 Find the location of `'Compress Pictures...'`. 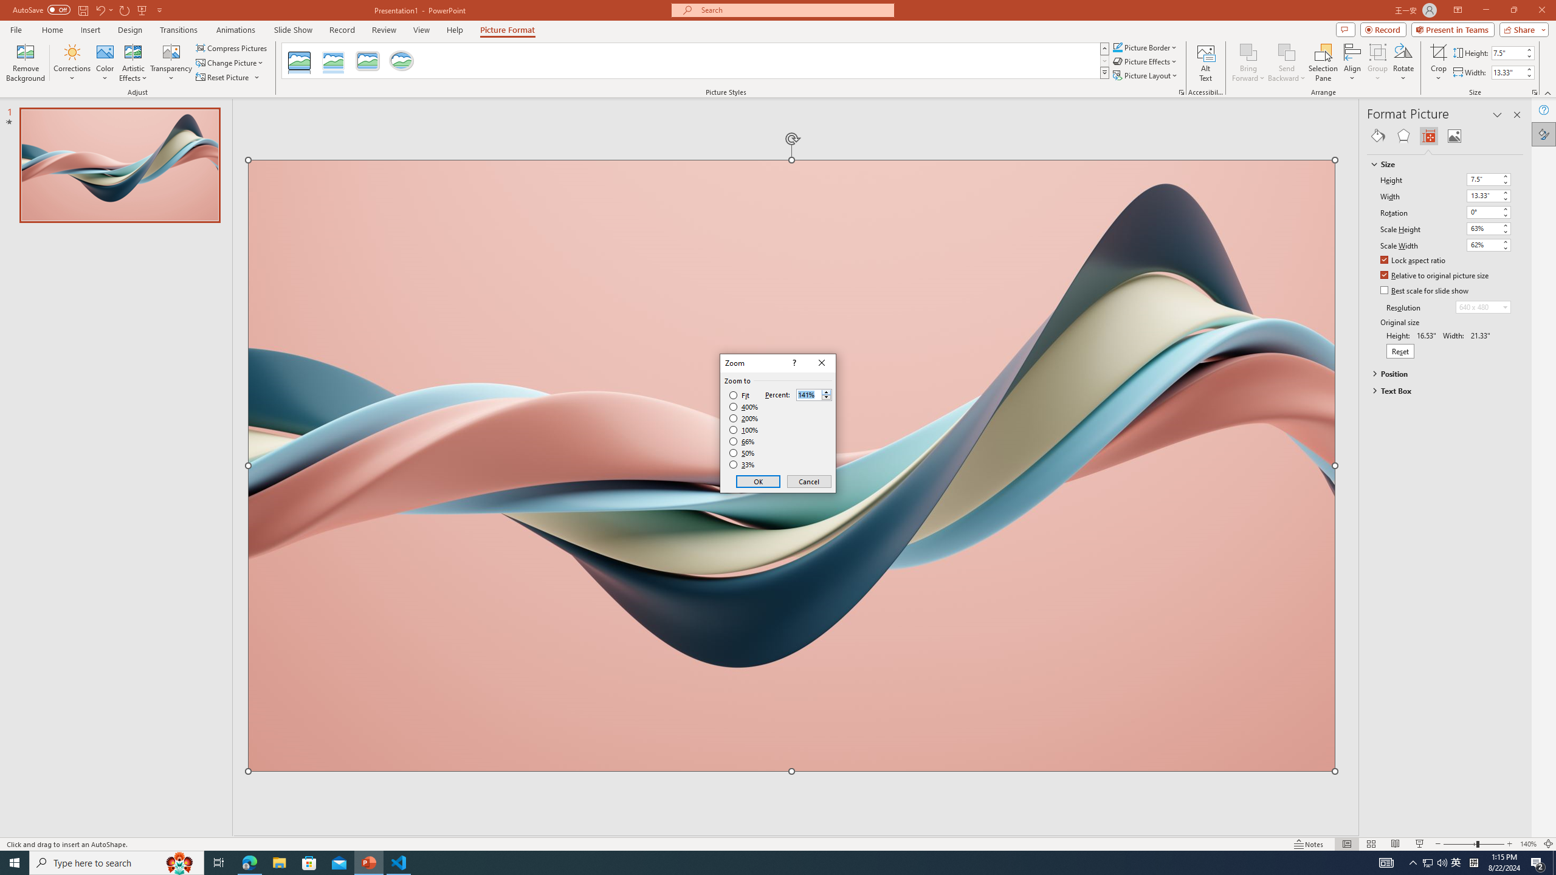

'Compress Pictures...' is located at coordinates (232, 47).